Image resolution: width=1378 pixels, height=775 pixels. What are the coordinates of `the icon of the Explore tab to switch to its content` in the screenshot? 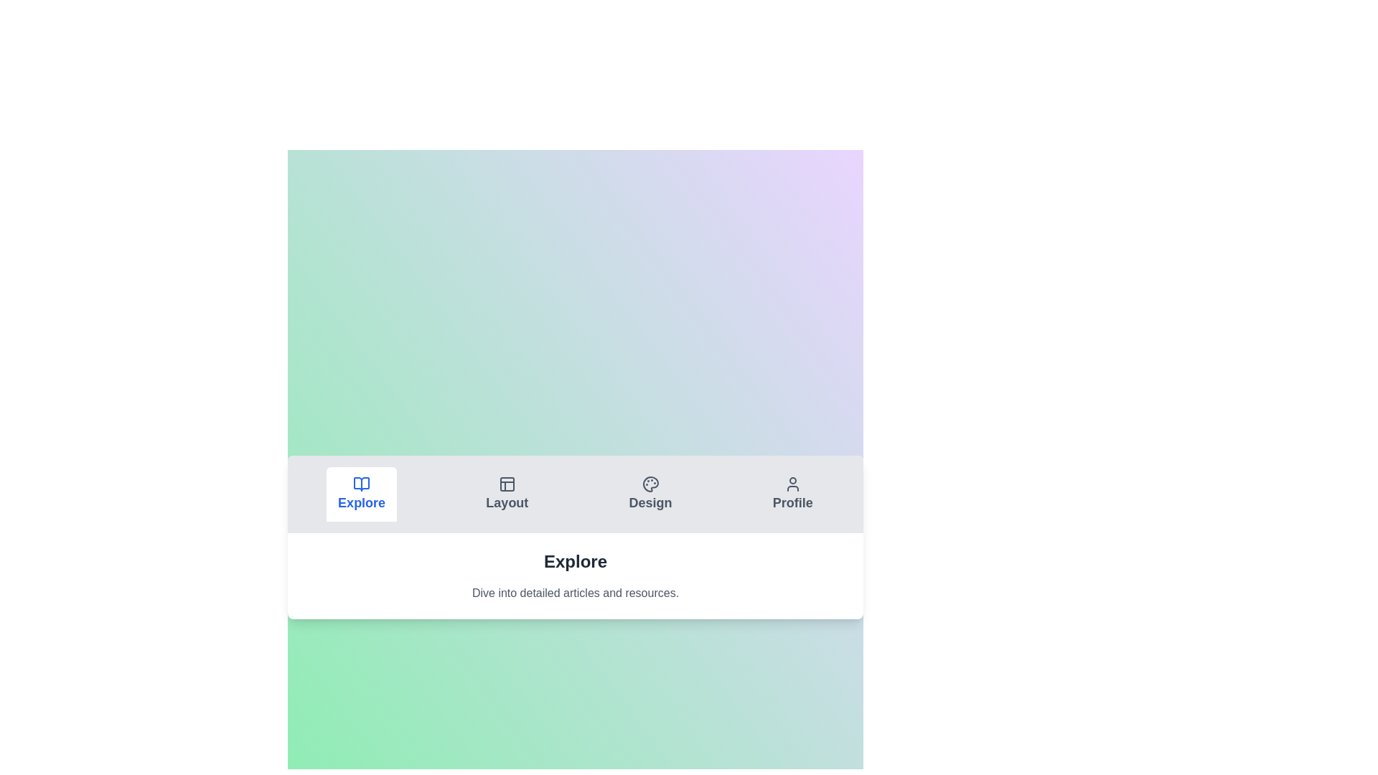 It's located at (362, 484).